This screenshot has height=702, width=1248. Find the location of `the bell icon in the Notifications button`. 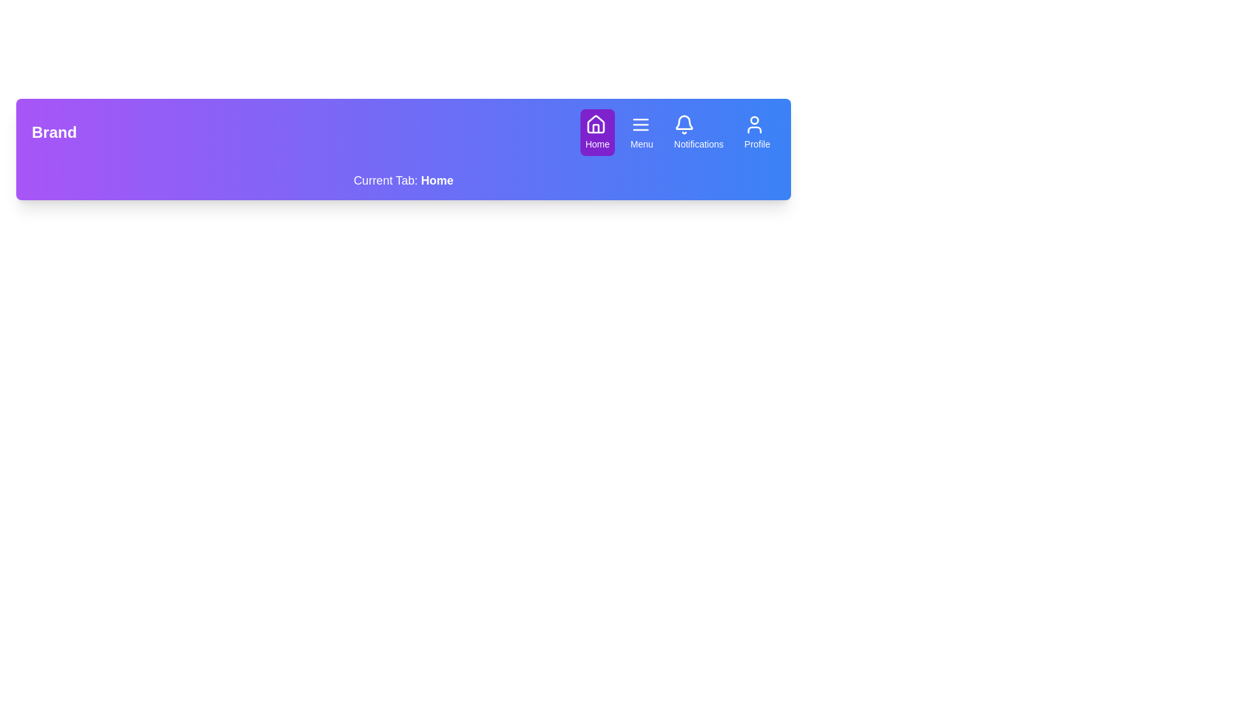

the bell icon in the Notifications button is located at coordinates (684, 125).